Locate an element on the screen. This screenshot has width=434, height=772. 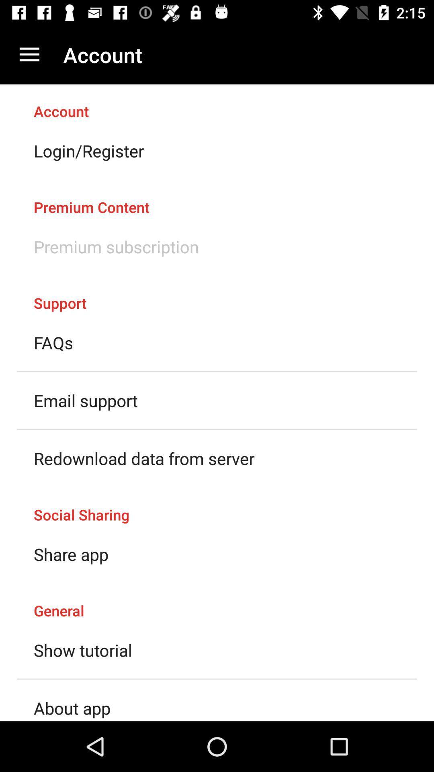
premium subscription icon is located at coordinates (116, 246).